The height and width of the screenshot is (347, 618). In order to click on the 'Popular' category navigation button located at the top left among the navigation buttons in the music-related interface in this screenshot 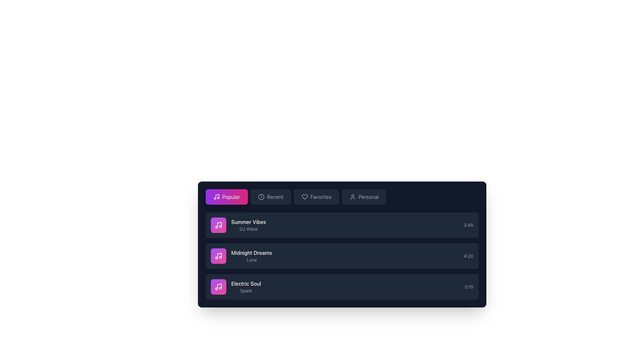, I will do `click(227, 197)`.